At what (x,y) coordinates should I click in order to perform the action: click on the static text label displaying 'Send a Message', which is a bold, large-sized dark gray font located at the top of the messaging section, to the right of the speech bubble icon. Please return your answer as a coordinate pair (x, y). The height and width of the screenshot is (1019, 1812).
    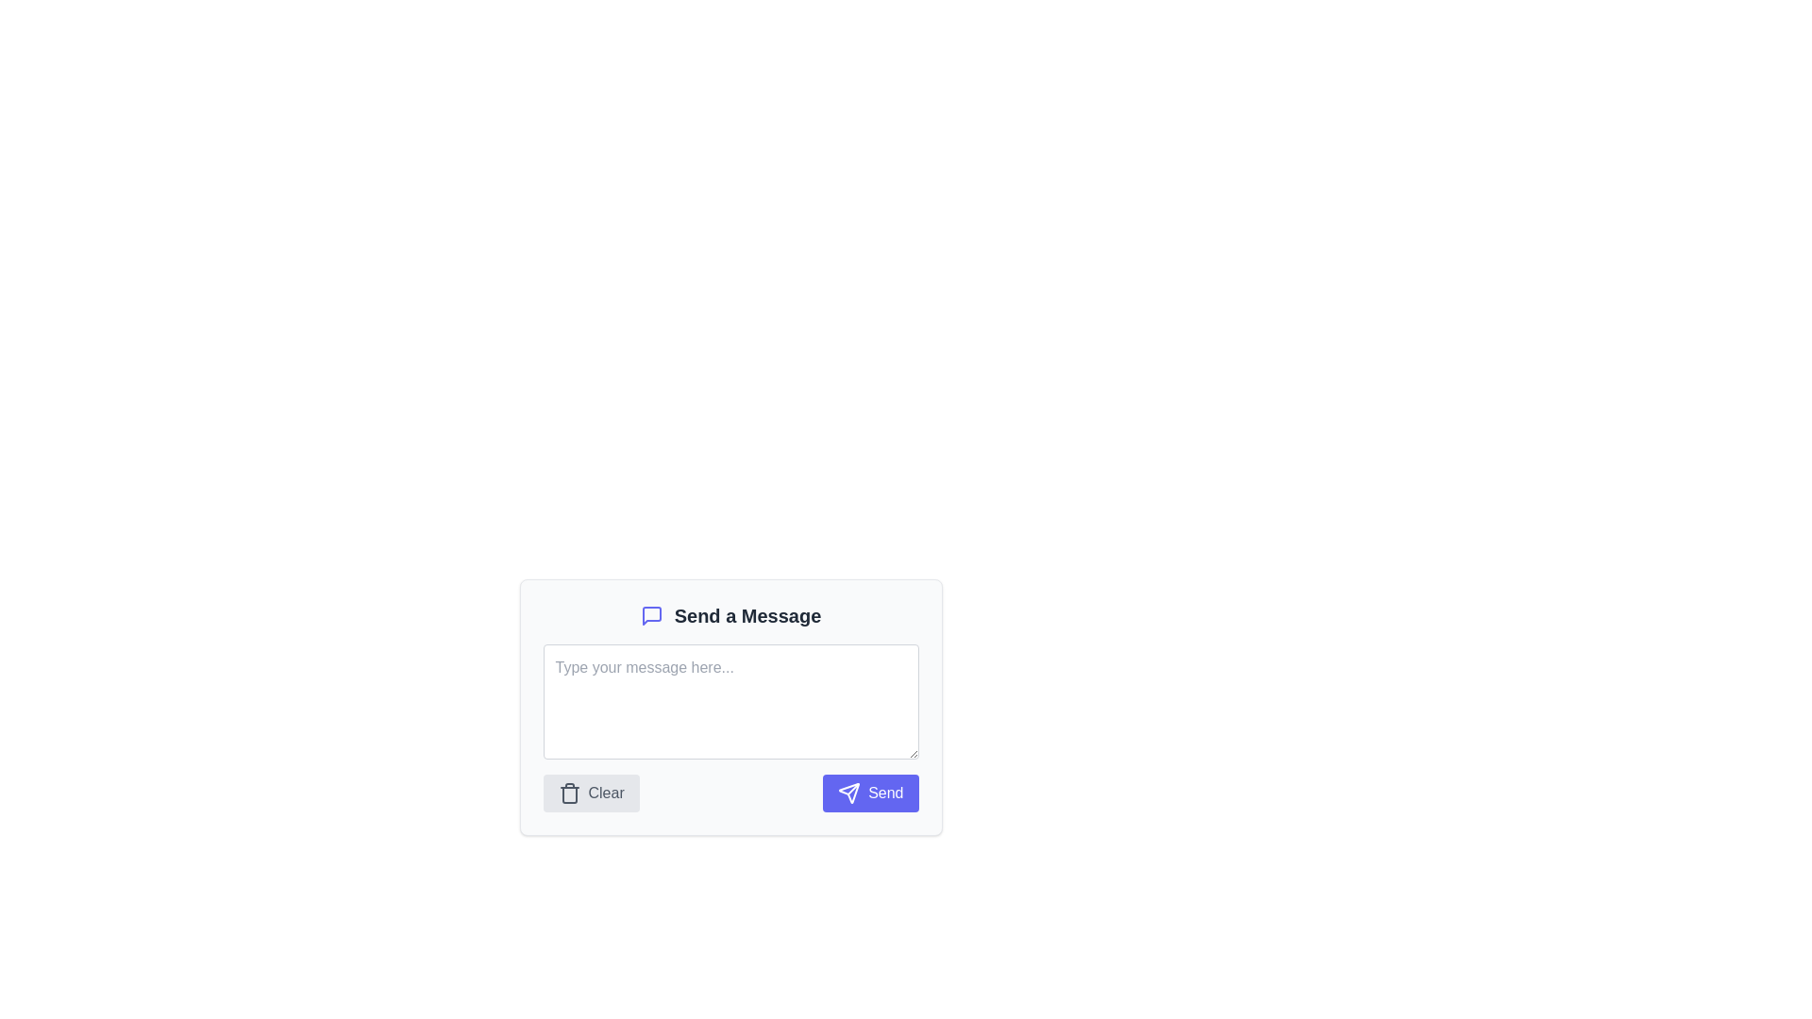
    Looking at the image, I should click on (747, 615).